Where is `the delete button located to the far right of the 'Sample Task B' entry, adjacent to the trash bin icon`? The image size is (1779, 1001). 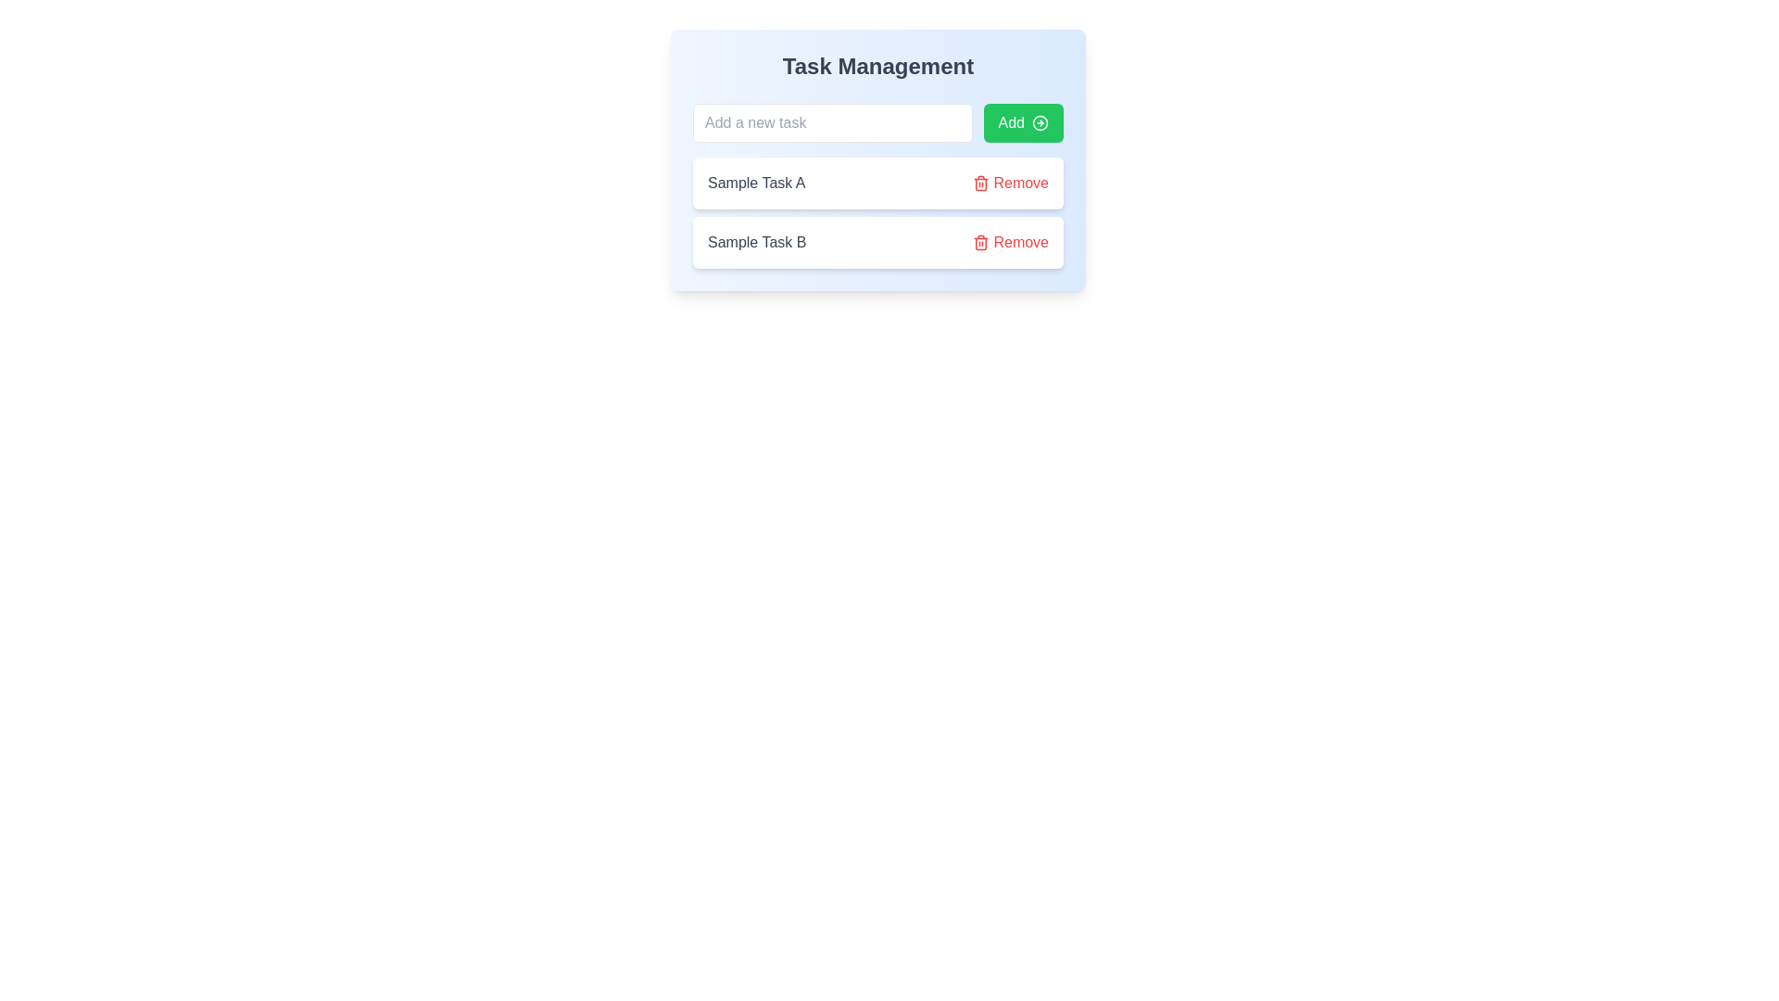
the delete button located to the far right of the 'Sample Task B' entry, adjacent to the trash bin icon is located at coordinates (1020, 242).